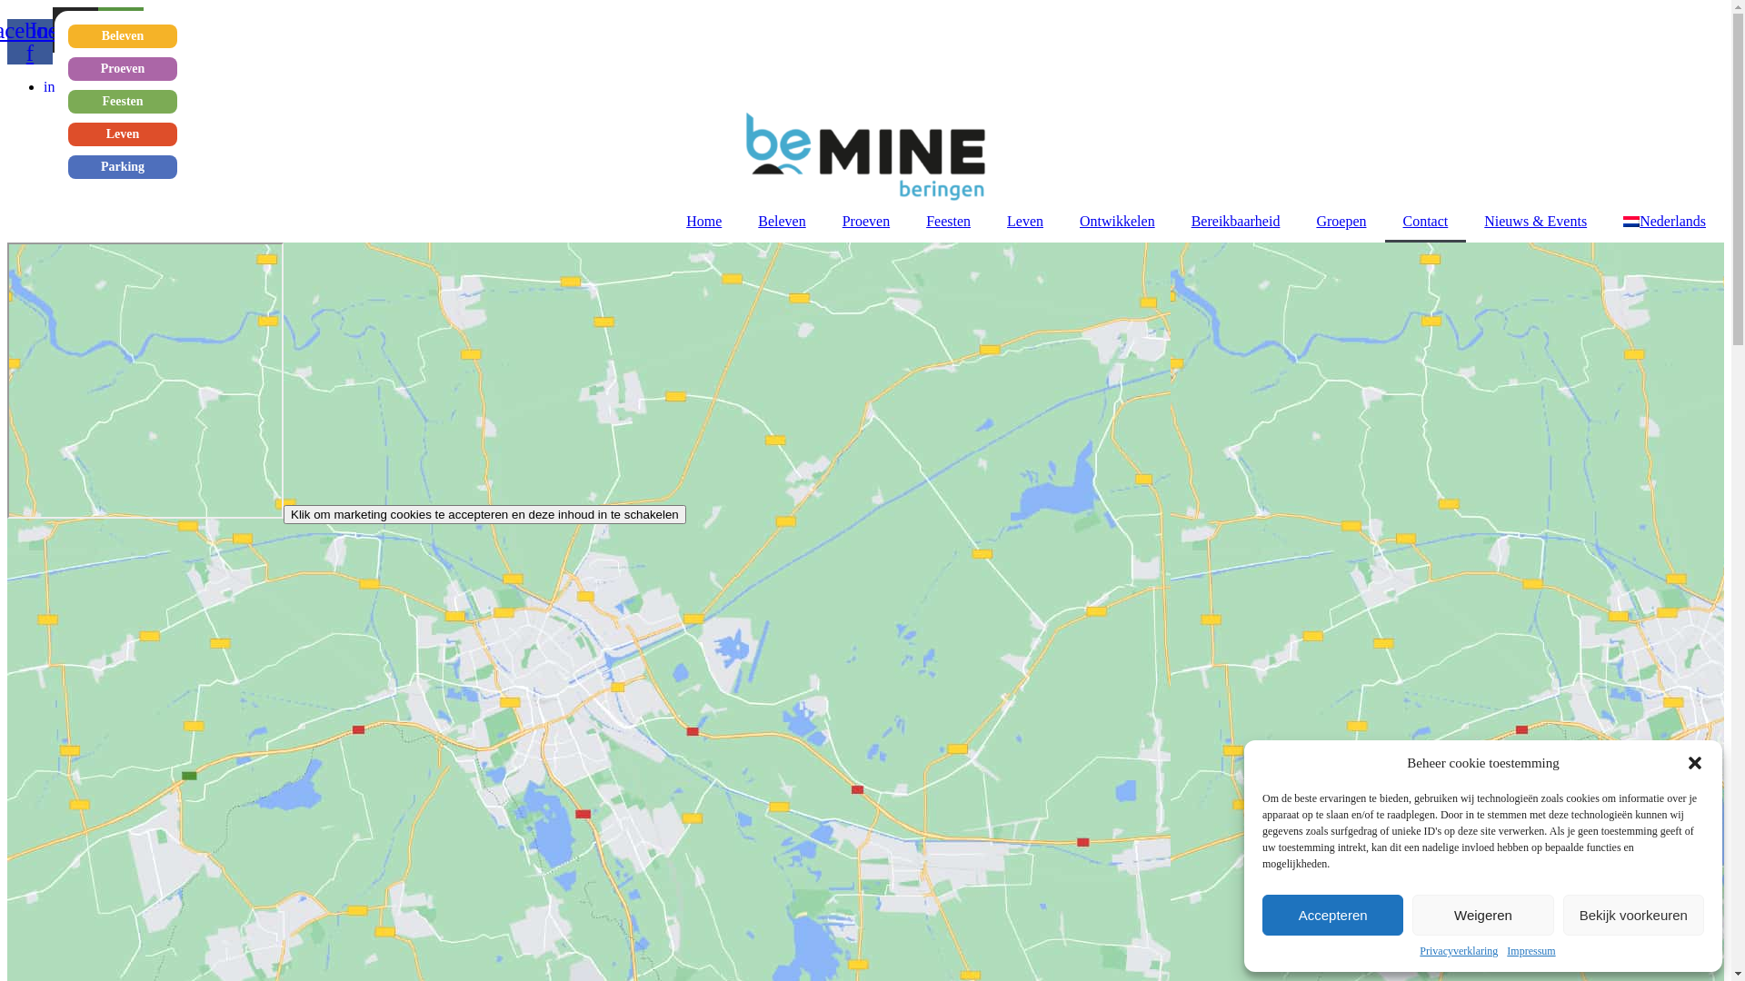 This screenshot has height=981, width=1745. I want to click on 'Parking', so click(121, 167).